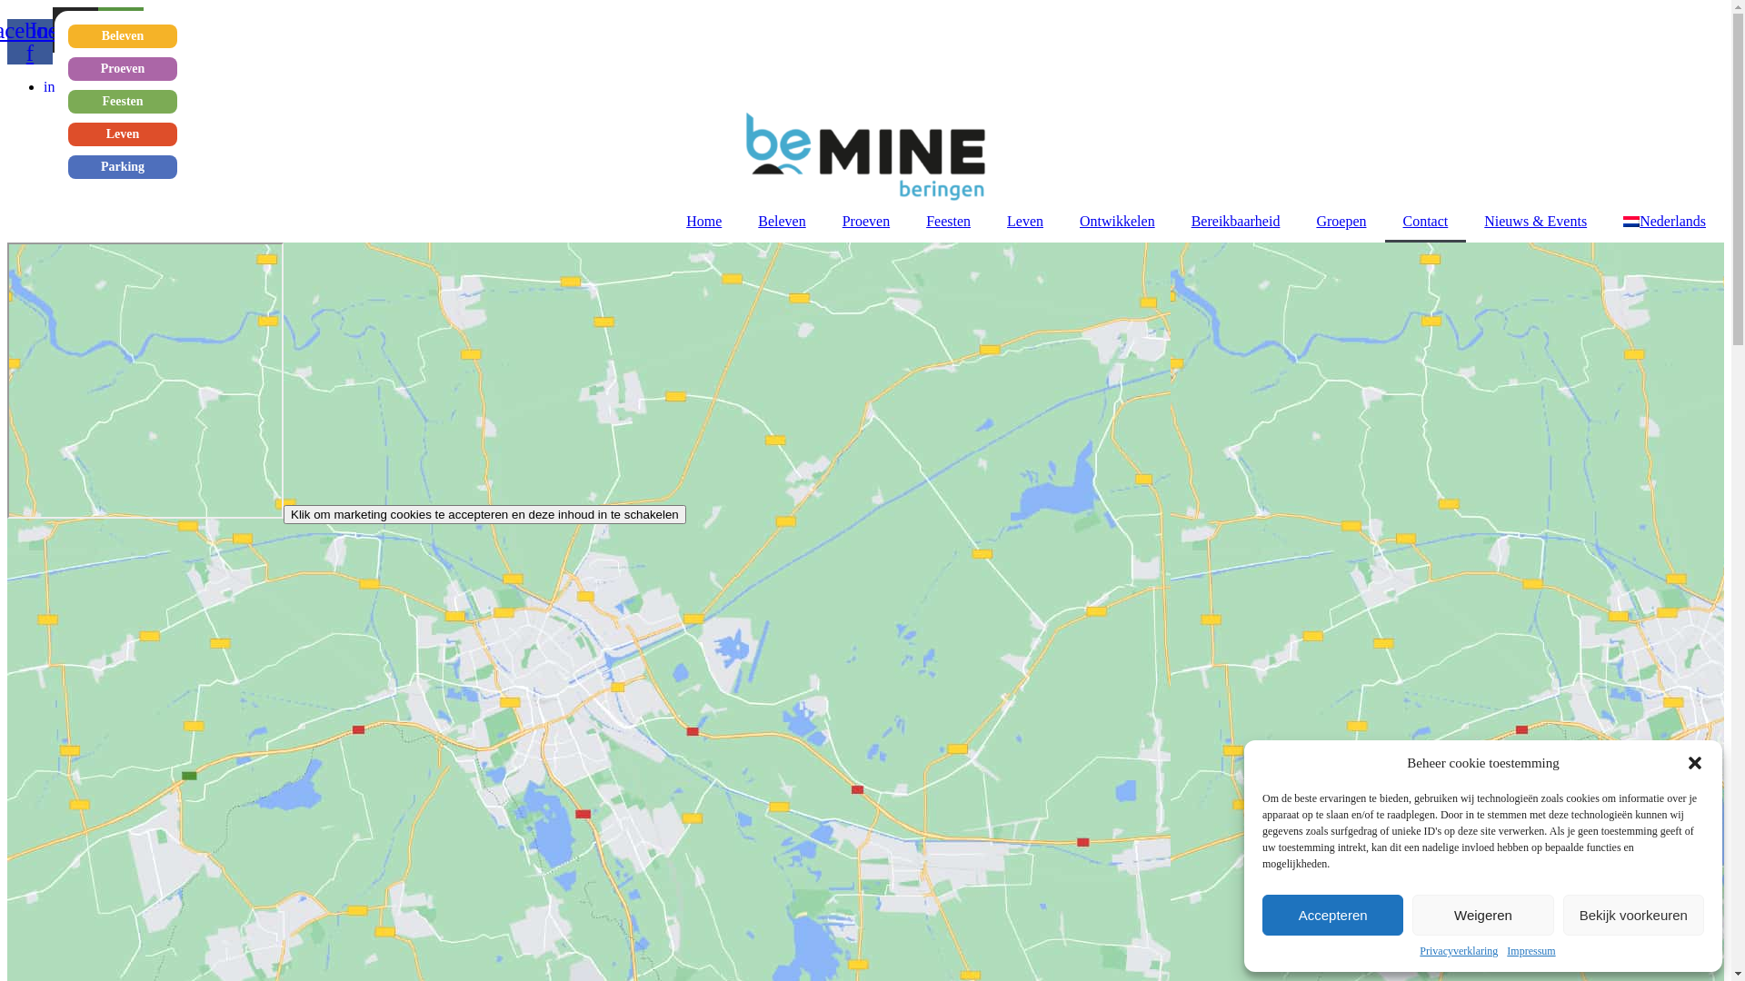 This screenshot has height=981, width=1745. I want to click on 'Parking', so click(121, 167).